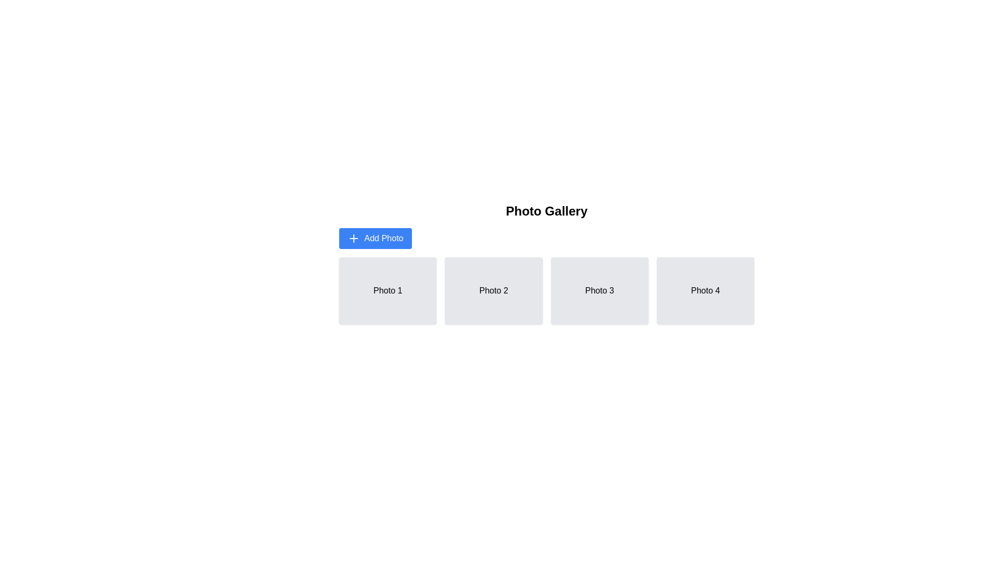  Describe the element at coordinates (546, 290) in the screenshot. I see `the labels 'Photo 1', 'Photo 2', 'Photo 3', and 'Photo 4' in the horizontally-aligned grid layout for interactions` at that location.